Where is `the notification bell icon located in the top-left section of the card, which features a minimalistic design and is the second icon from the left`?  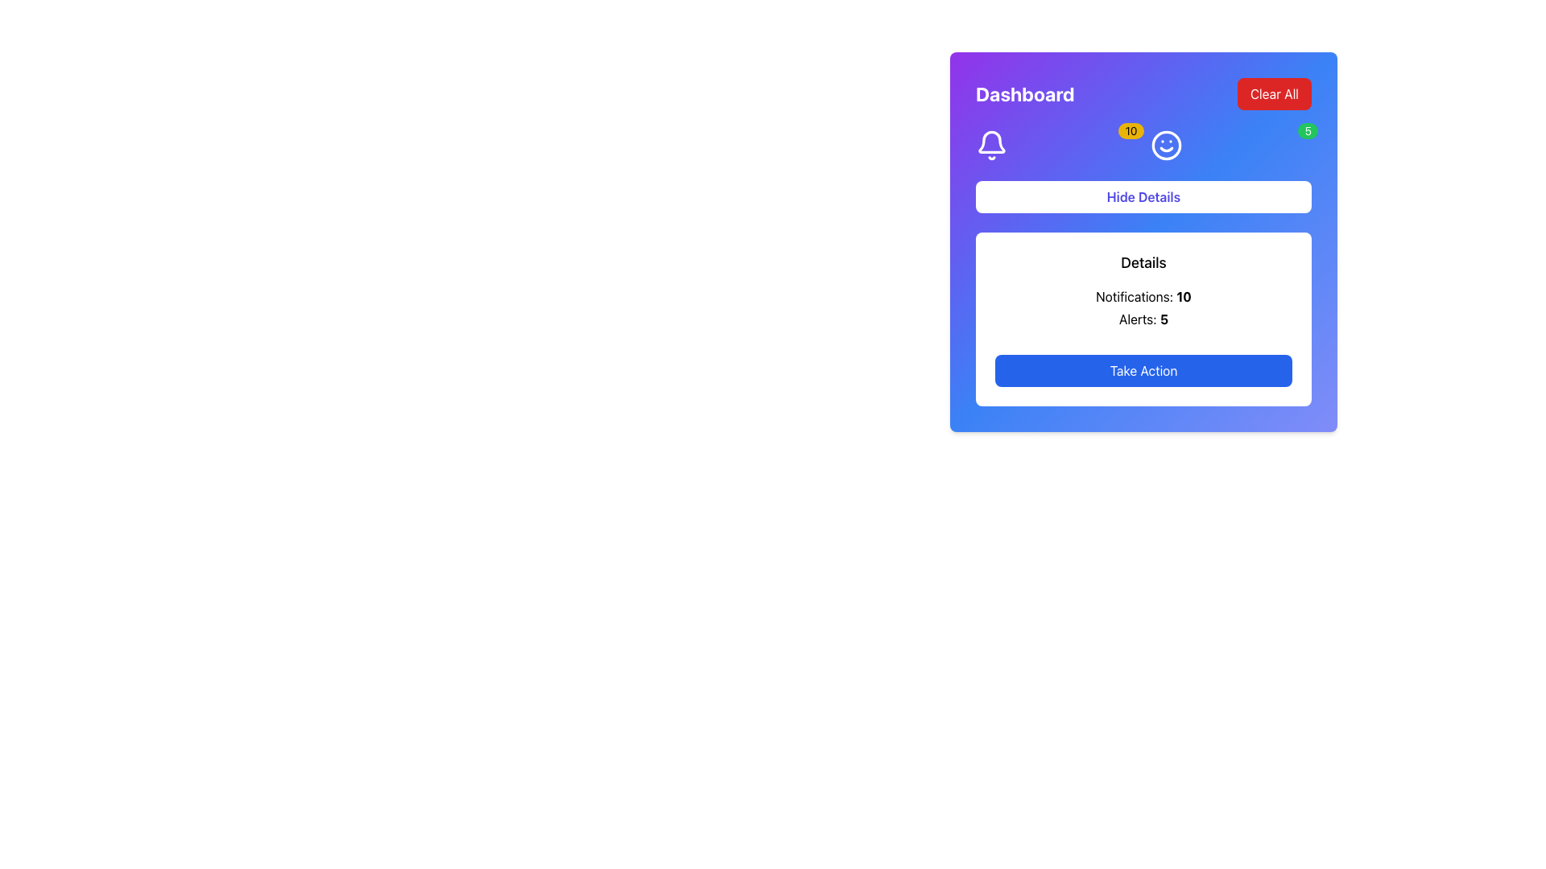 the notification bell icon located in the top-left section of the card, which features a minimalistic design and is the second icon from the left is located at coordinates (991, 141).